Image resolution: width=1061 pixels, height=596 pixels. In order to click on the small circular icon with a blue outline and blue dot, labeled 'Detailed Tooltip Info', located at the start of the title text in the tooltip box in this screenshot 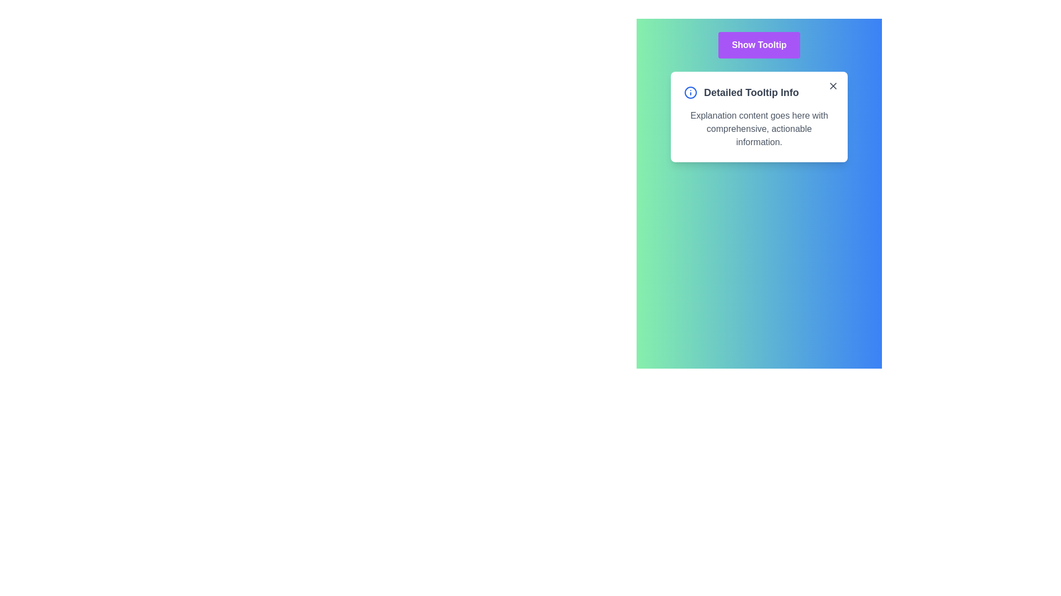, I will do `click(690, 92)`.